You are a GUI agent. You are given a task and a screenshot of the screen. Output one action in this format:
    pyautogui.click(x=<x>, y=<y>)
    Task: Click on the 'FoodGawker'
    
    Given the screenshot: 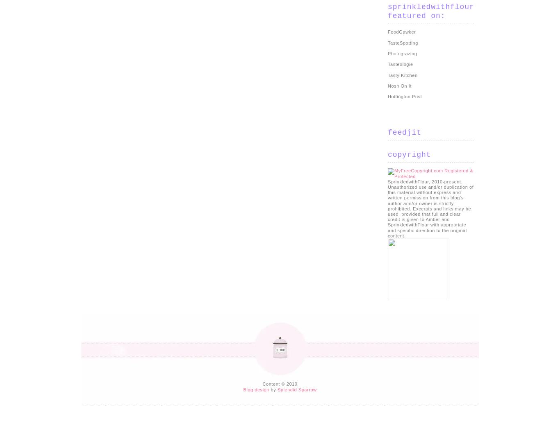 What is the action you would take?
    pyautogui.click(x=401, y=32)
    